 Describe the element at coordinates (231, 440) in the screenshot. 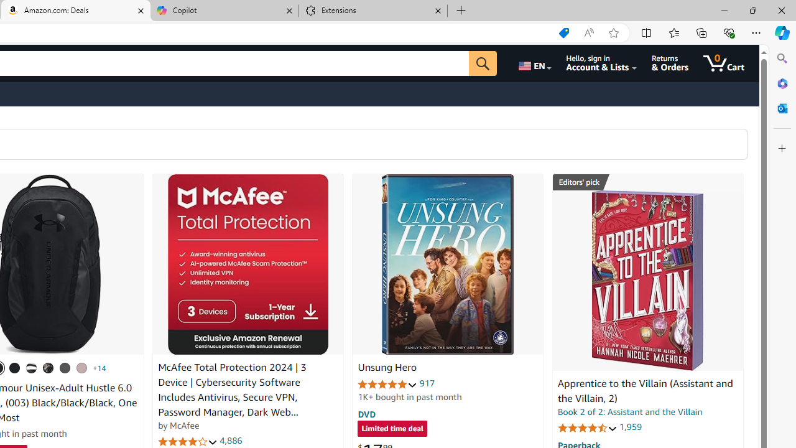

I see `'4,886'` at that location.